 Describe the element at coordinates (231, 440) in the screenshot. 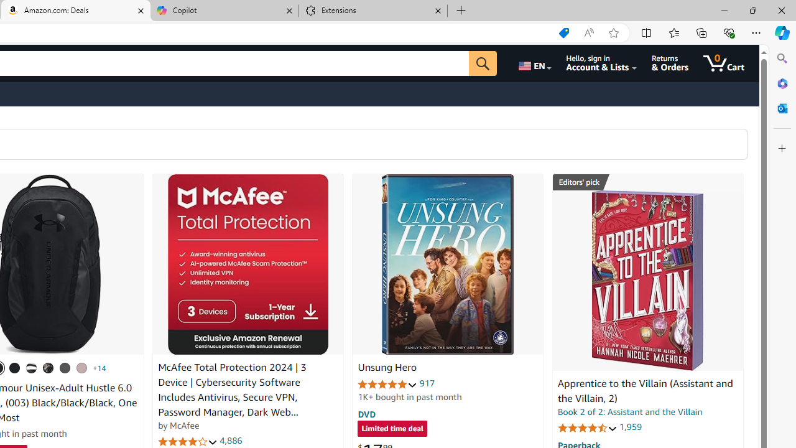

I see `'4,886'` at that location.